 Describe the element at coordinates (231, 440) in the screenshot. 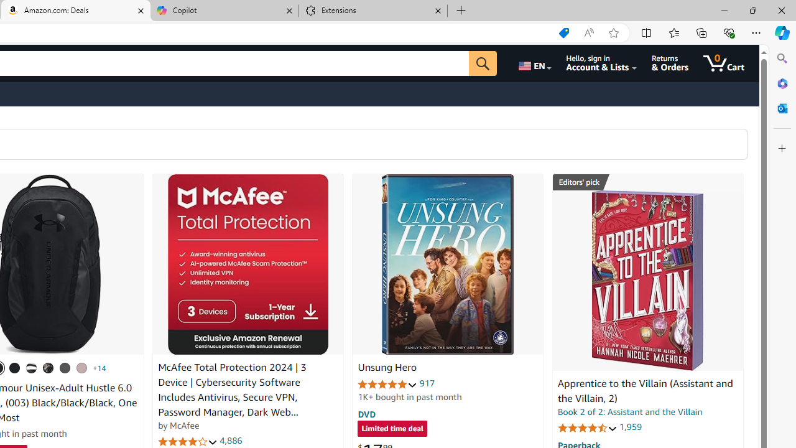

I see `'4,886'` at that location.